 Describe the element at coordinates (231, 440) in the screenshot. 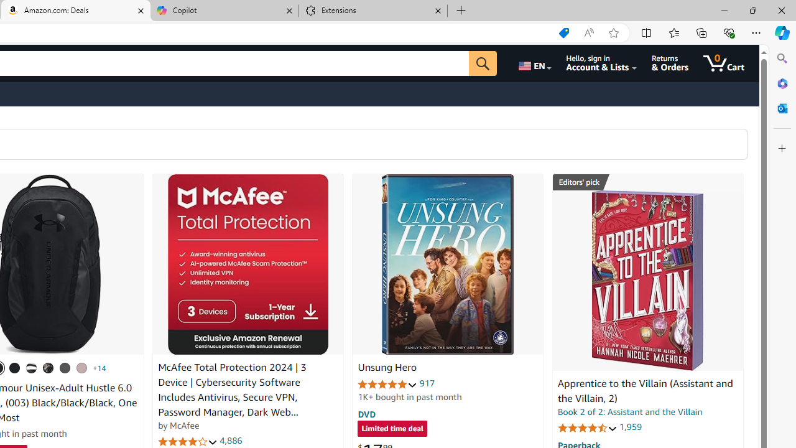

I see `'4,886'` at that location.